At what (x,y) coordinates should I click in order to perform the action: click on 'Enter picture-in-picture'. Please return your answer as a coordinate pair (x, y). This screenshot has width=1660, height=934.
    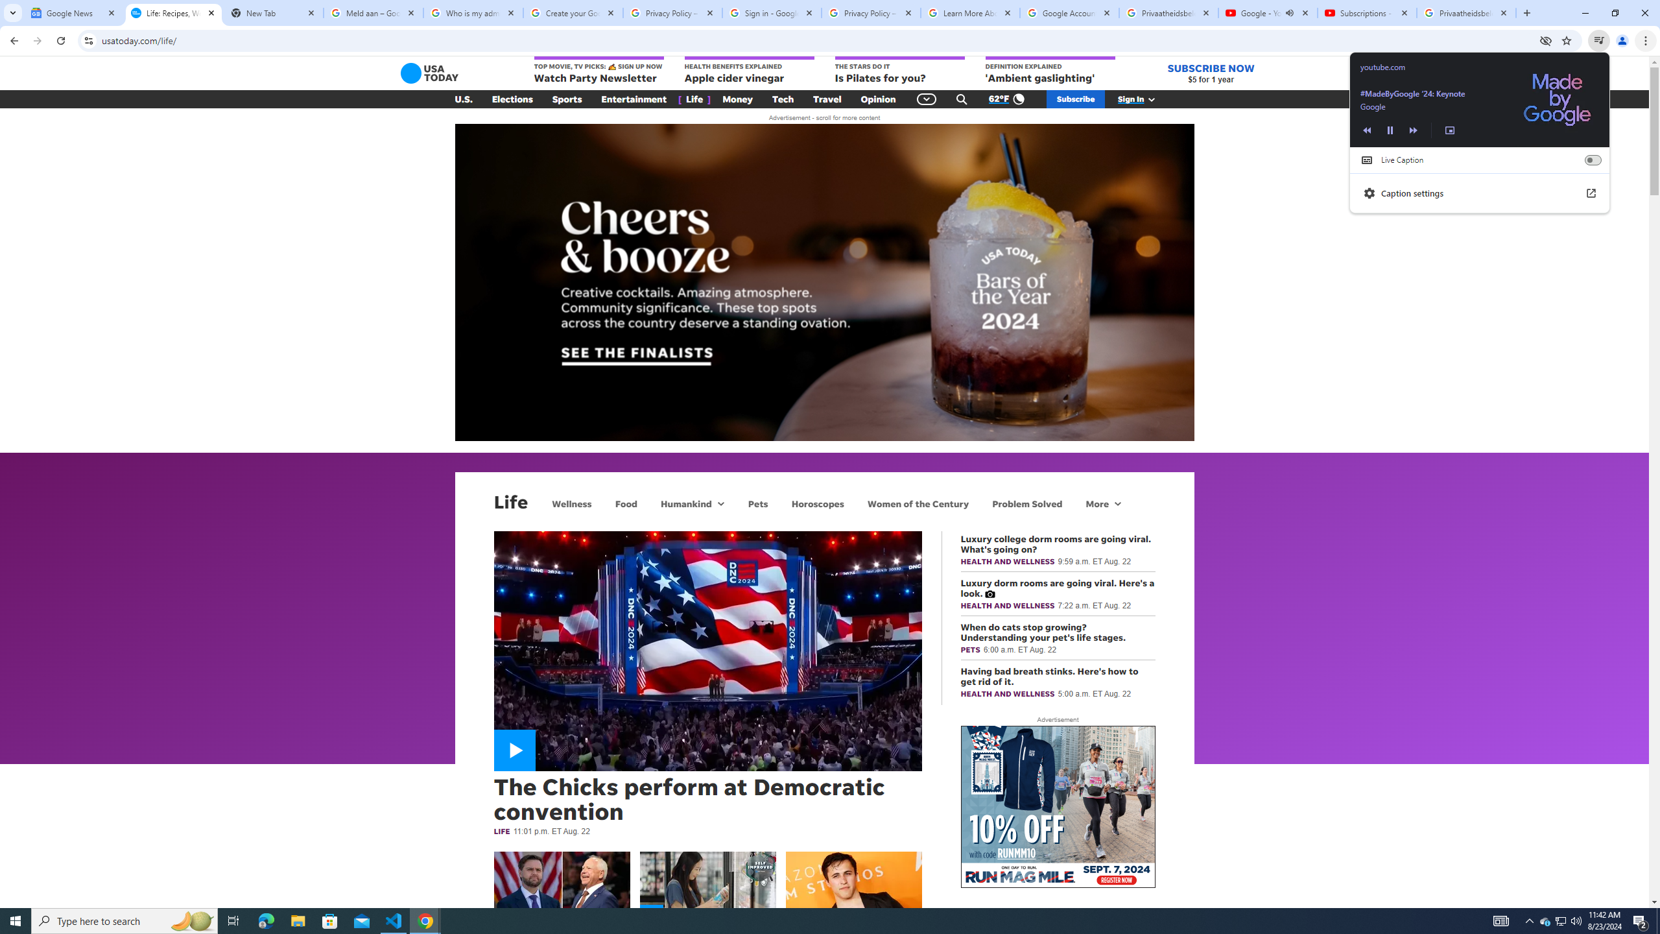
    Looking at the image, I should click on (1448, 129).